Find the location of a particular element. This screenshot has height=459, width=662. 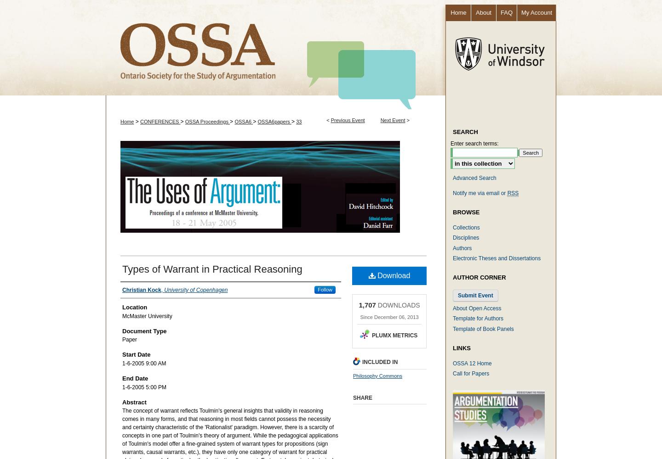

'1-6-2005 9:00 AM' is located at coordinates (121, 364).